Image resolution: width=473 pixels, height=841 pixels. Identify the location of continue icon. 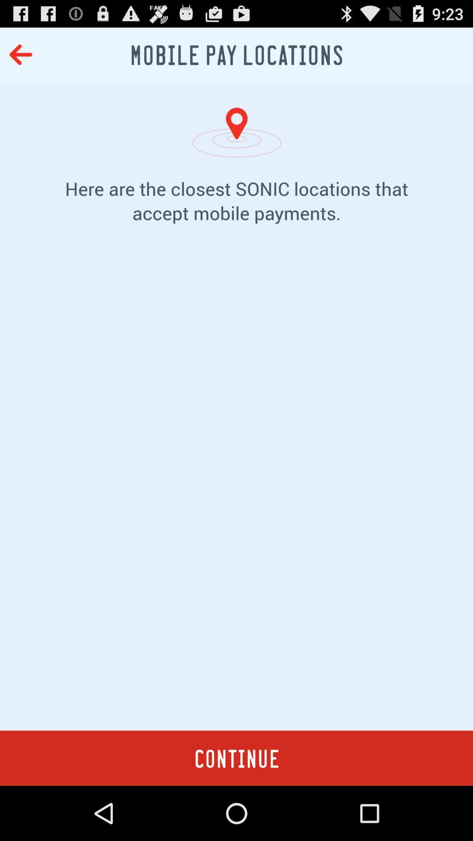
(236, 758).